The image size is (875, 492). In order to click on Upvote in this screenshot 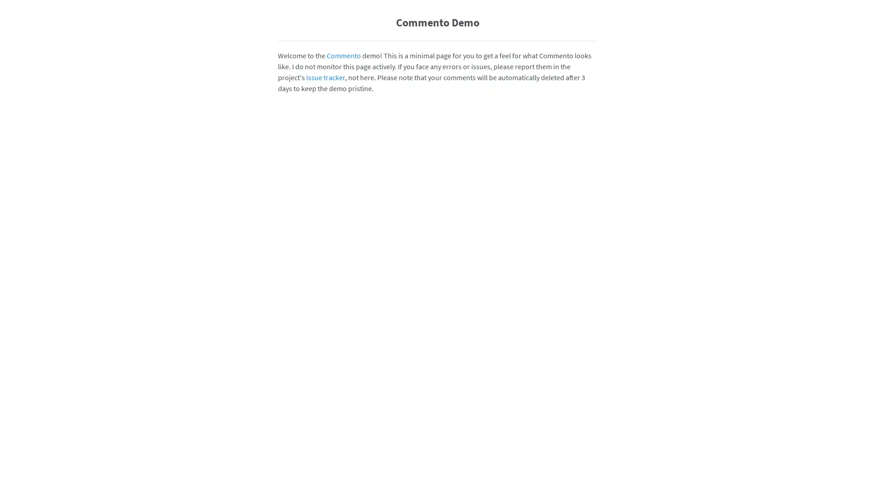, I will do `click(561, 467)`.